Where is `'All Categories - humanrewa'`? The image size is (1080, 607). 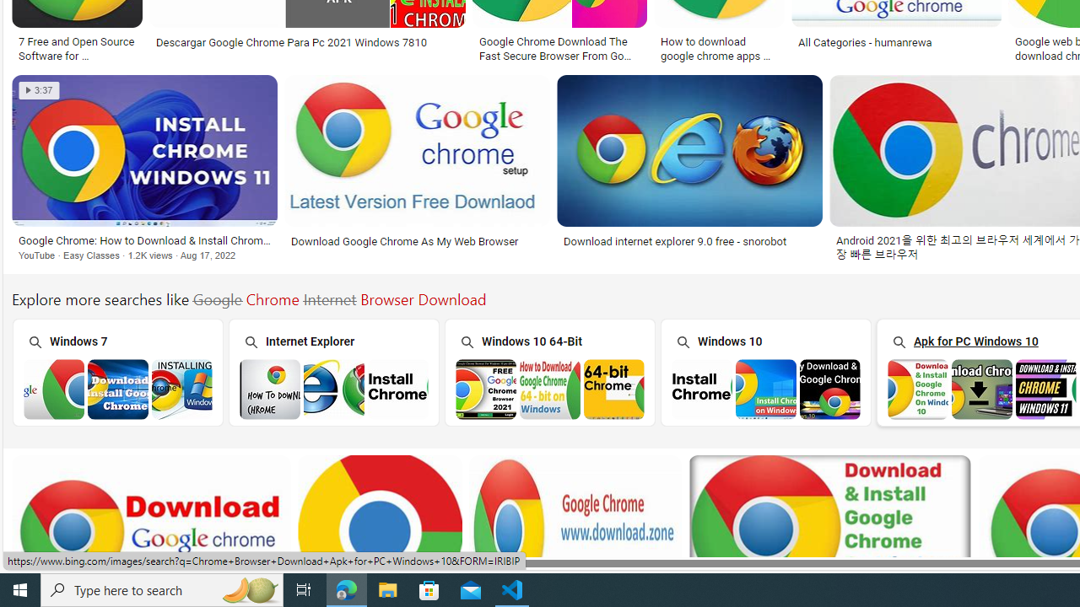 'All Categories - humanrewa' is located at coordinates (865, 41).